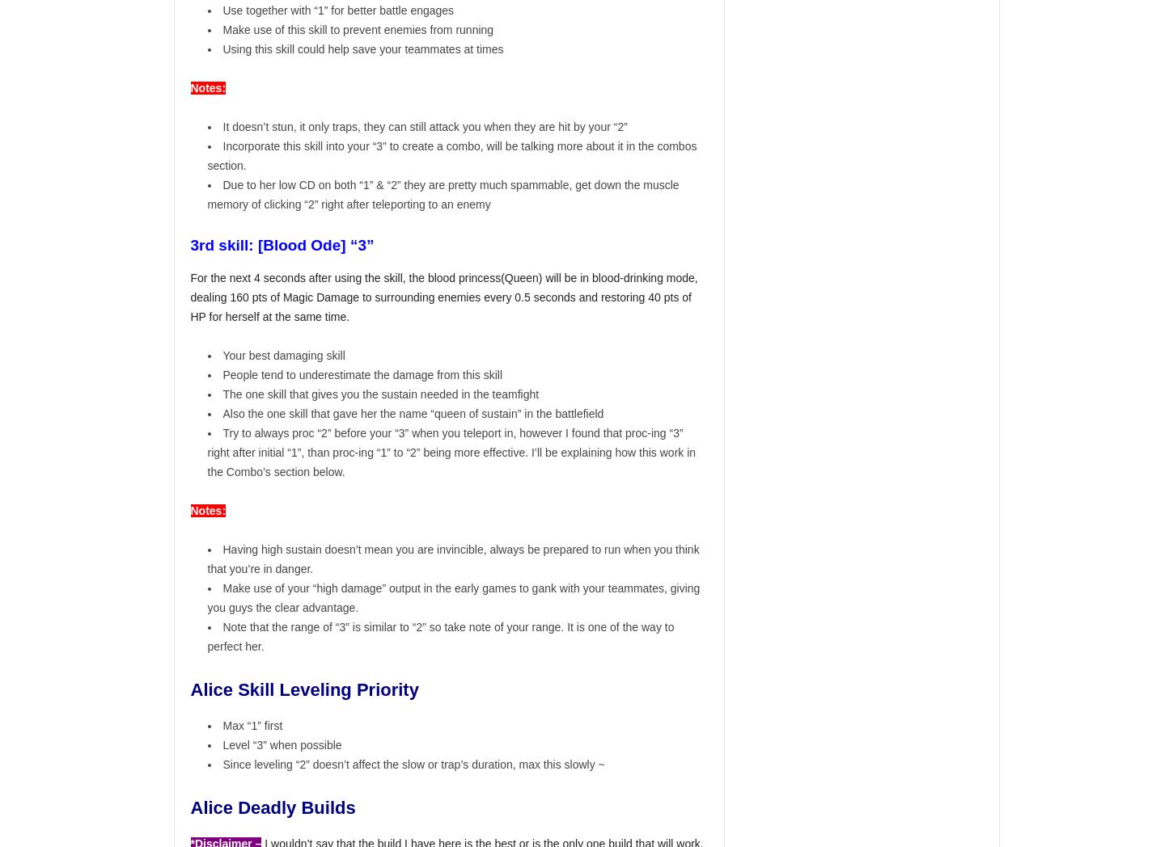  What do you see at coordinates (443, 296) in the screenshot?
I see `'For the next 4 seconds after using the skill, the blood princess(Queen) will be in blood-drinking mode, dealing 160 pts of Magic Damage to surrounding enemies every 0.5 seconds and restoring 40 pts of HP for herself at the same time.'` at bounding box center [443, 296].